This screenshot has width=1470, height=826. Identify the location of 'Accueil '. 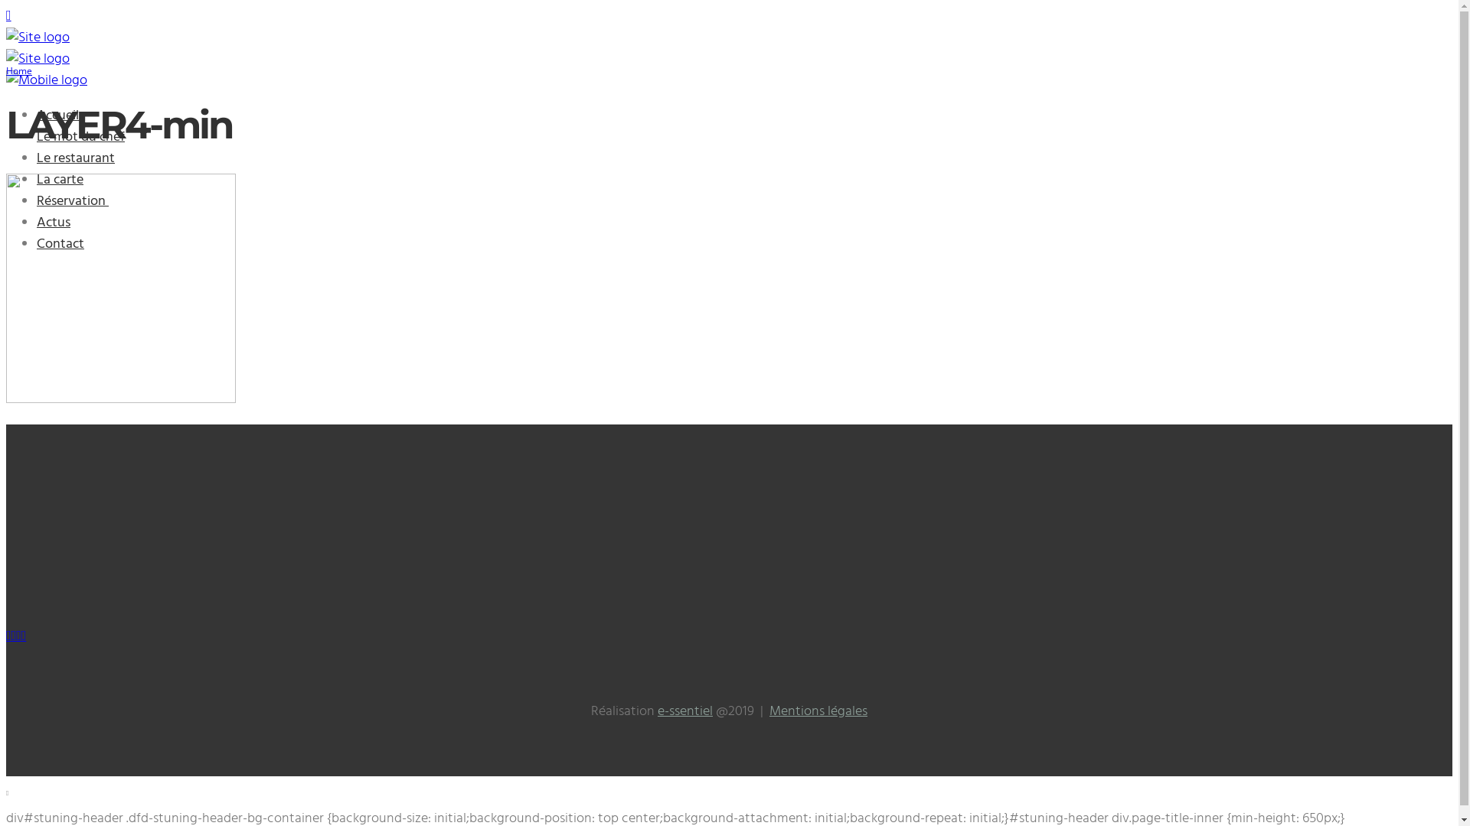
(37, 115).